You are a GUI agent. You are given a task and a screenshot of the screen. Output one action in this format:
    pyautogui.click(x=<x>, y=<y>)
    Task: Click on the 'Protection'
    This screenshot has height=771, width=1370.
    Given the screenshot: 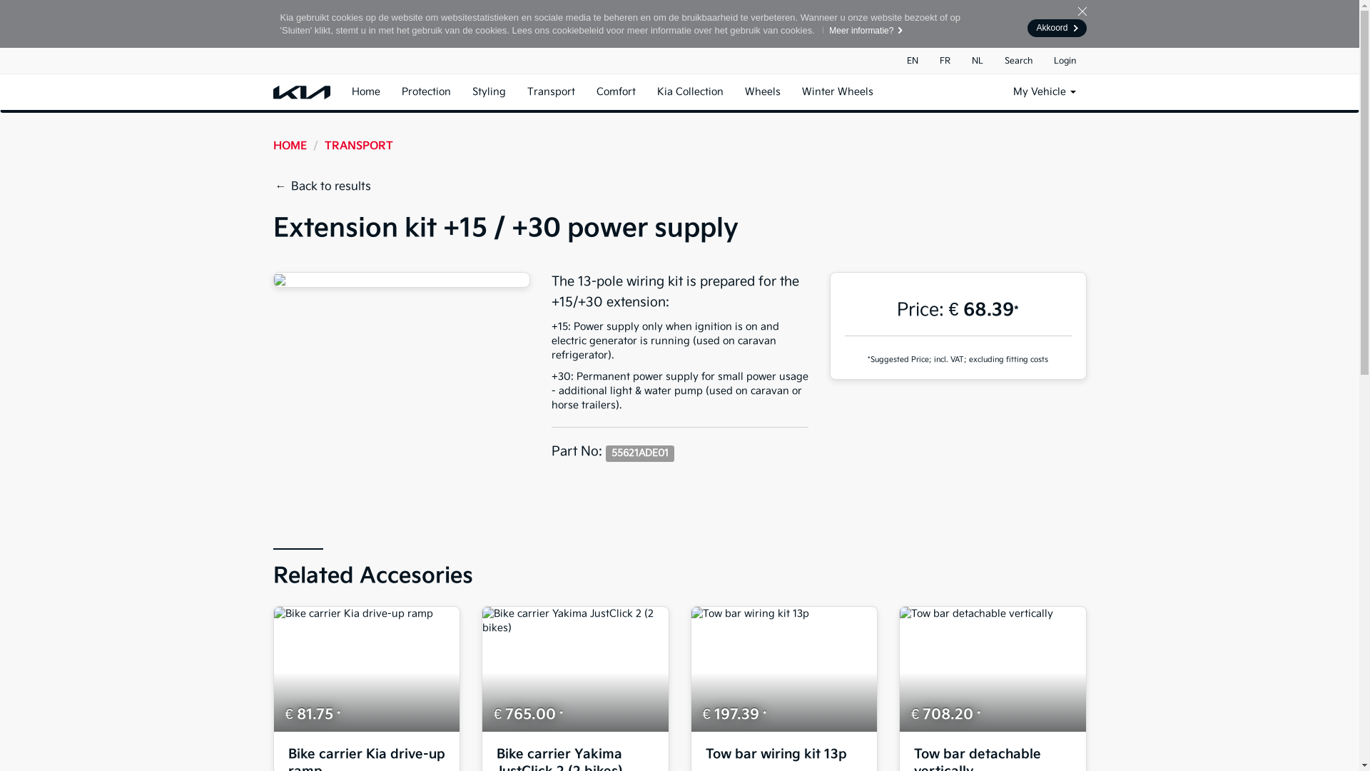 What is the action you would take?
    pyautogui.click(x=390, y=91)
    